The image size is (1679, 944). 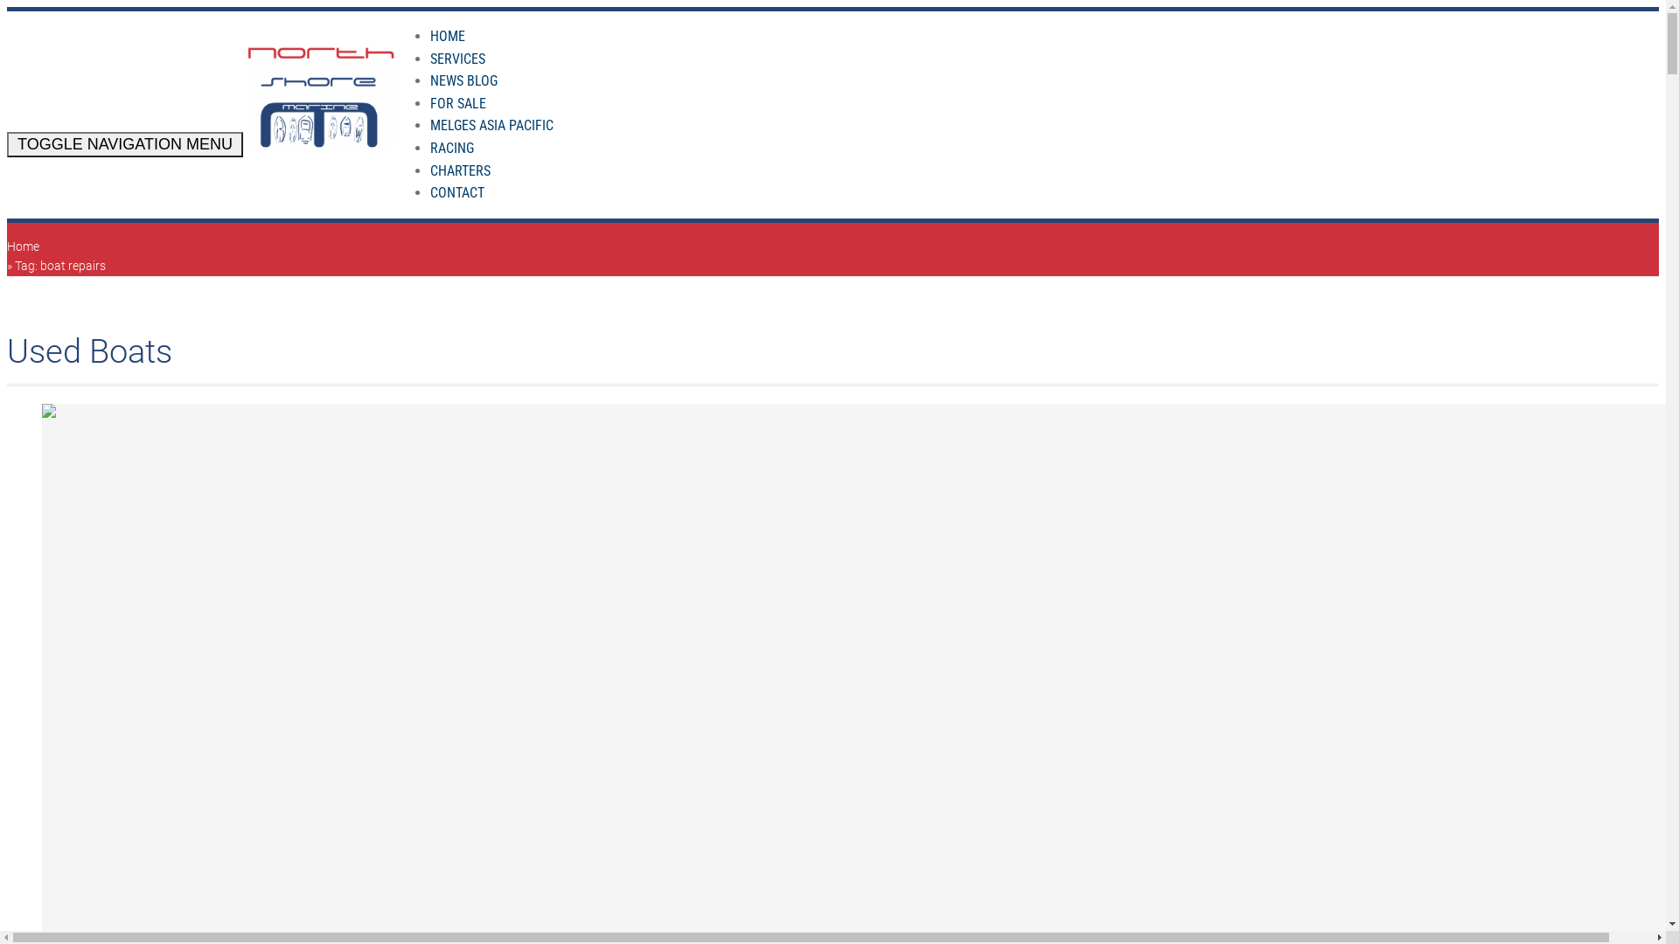 What do you see at coordinates (463, 80) in the screenshot?
I see `'NEWS BLOG'` at bounding box center [463, 80].